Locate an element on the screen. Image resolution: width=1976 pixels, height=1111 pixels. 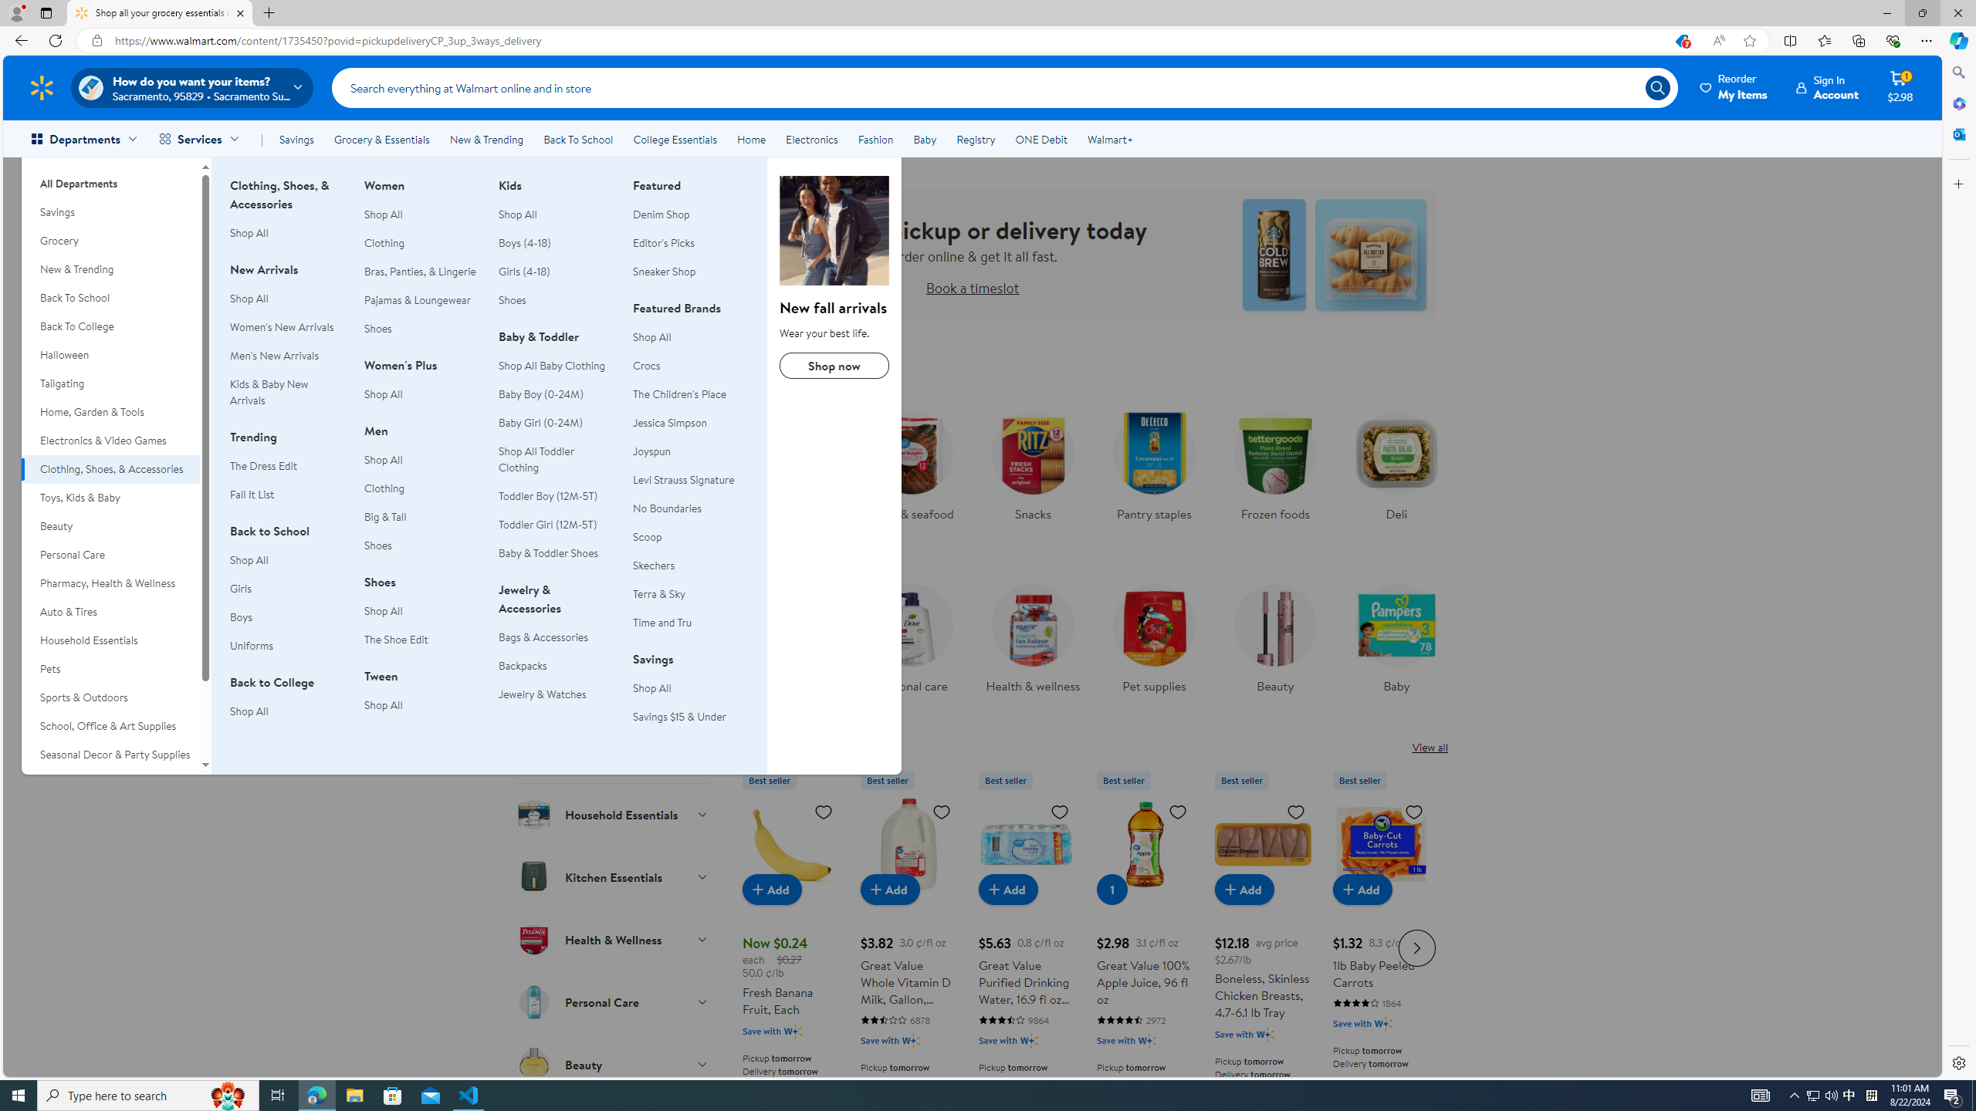
'Auto & Tires' is located at coordinates (110, 611).